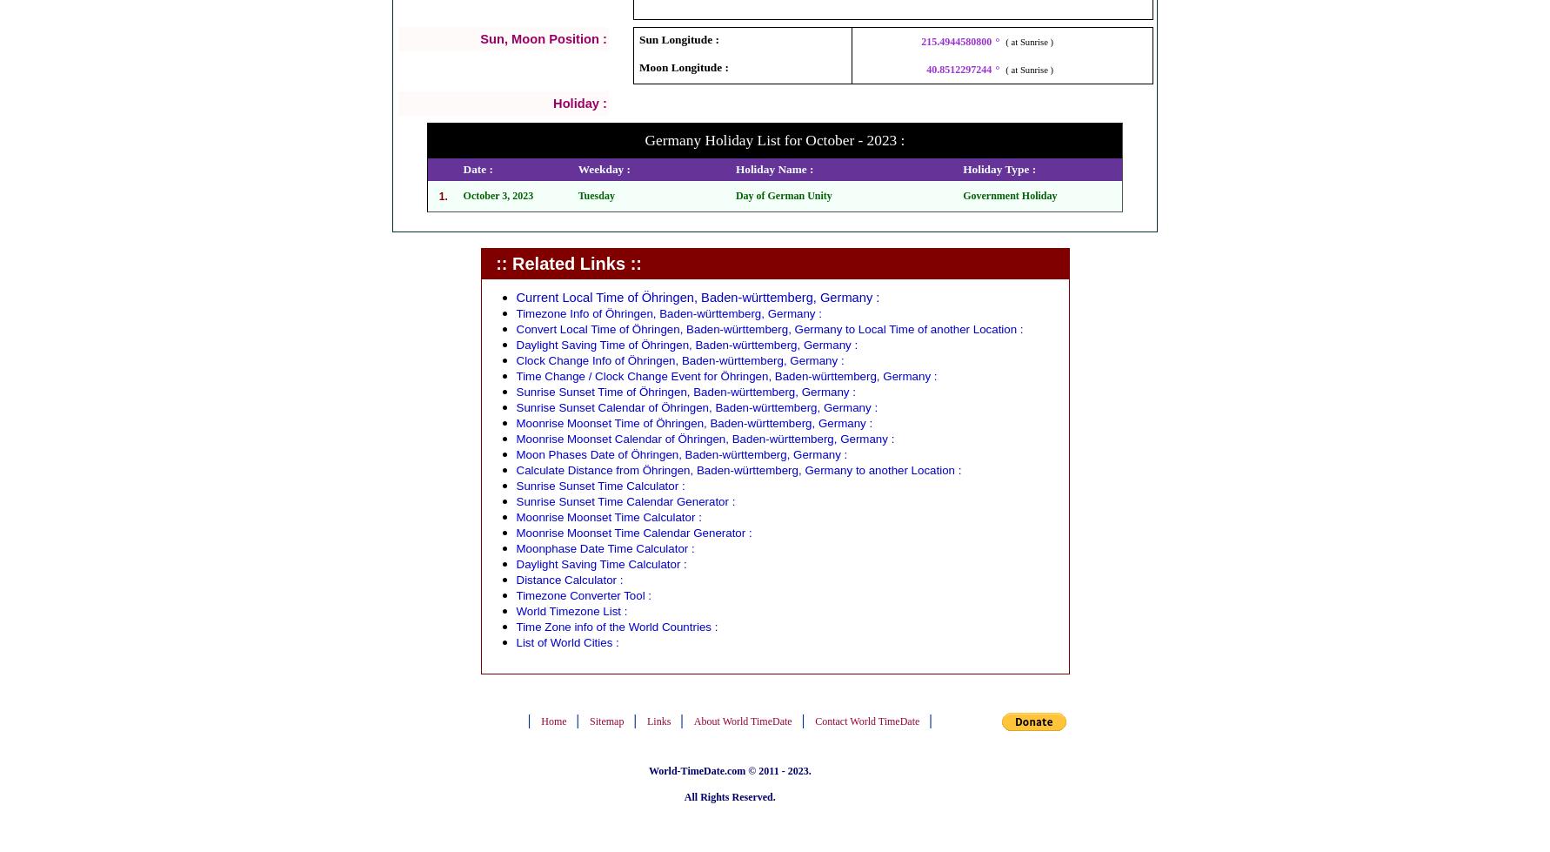 This screenshot has width=1550, height=852. Describe the element at coordinates (704, 437) in the screenshot. I see `'Moonrise Moonset Calendar of Öhringen, Baden-württemberg, Germany :'` at that location.